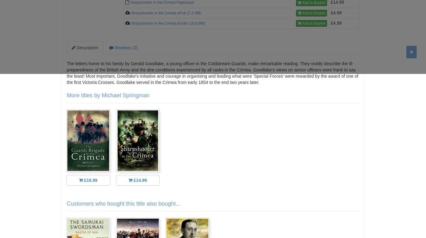  I want to click on 'Sharpshooter in the Crimea Paperback', so click(162, 2).